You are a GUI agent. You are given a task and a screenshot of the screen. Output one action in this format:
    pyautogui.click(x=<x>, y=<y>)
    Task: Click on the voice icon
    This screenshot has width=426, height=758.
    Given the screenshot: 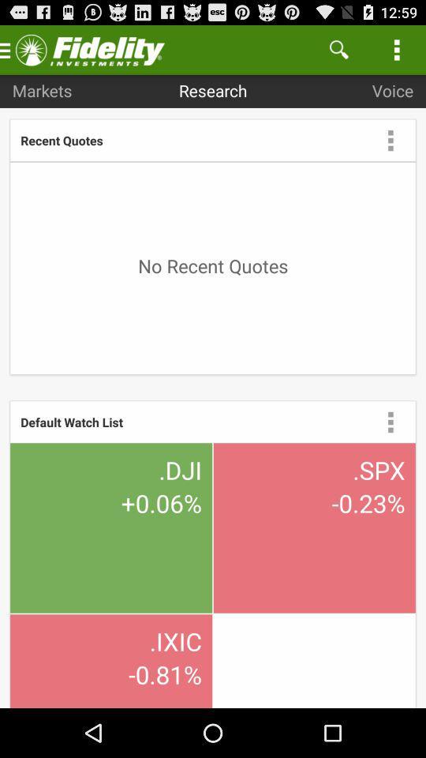 What is the action you would take?
    pyautogui.click(x=391, y=90)
    